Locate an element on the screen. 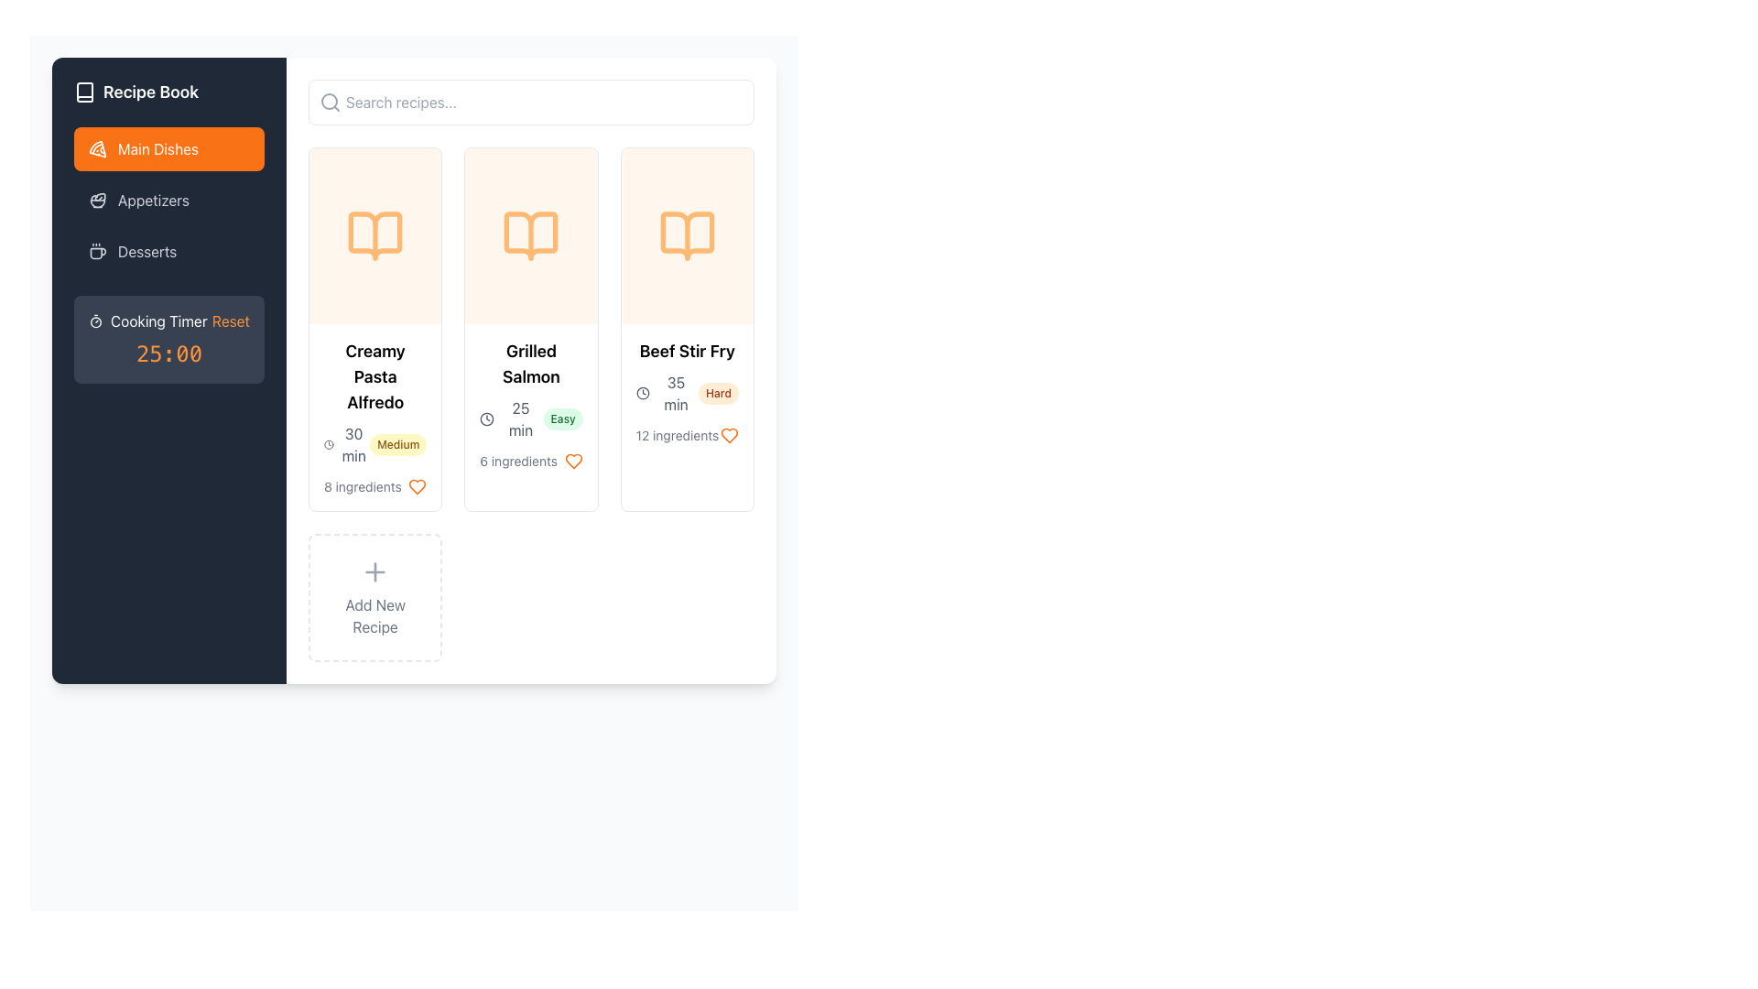  the 'Grilled Salmon' recipe card, which is a vertically aligned card with a white background, rounded corners, and a light gray border, located in the 'Main Dishes' section between 'Creamy Pasta Alfredo' and 'Beef Stir Fry' is located at coordinates (530, 328).